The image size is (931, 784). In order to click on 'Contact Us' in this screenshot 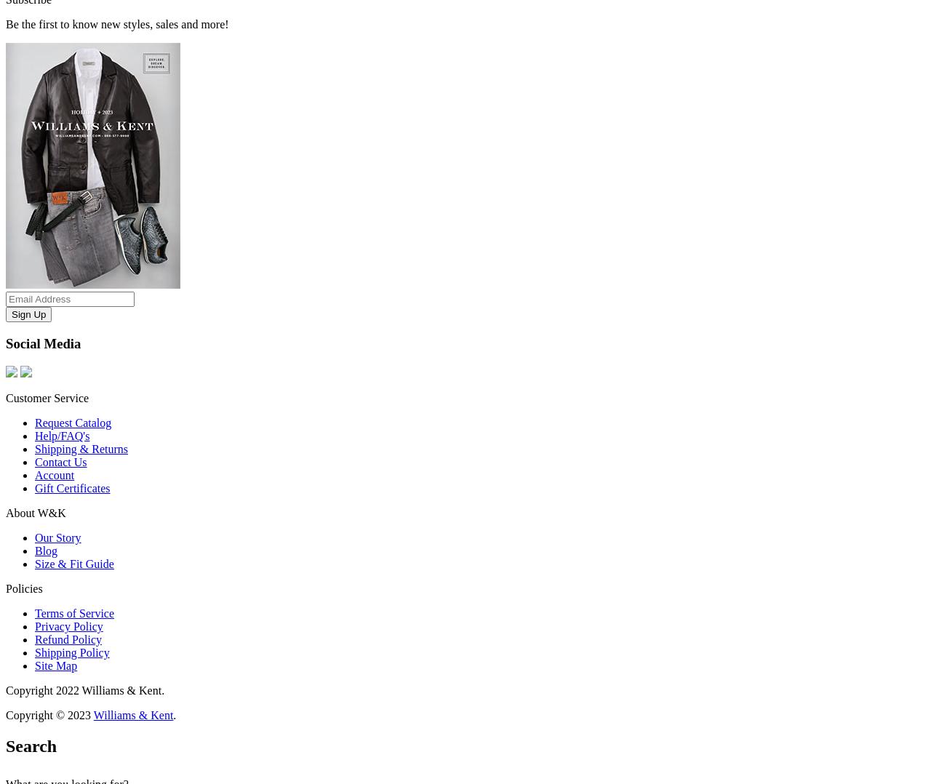, I will do `click(60, 460)`.